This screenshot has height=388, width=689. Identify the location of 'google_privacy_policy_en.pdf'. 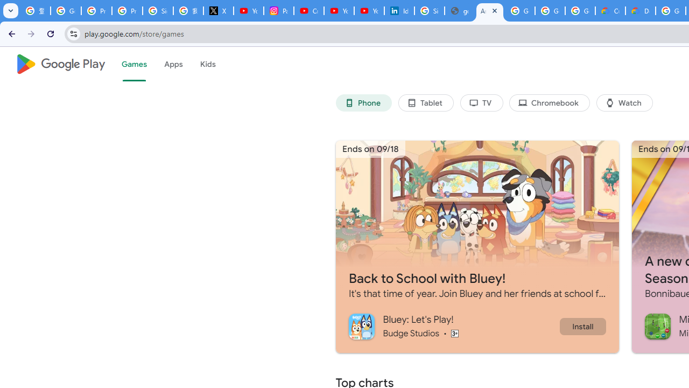
(459, 11).